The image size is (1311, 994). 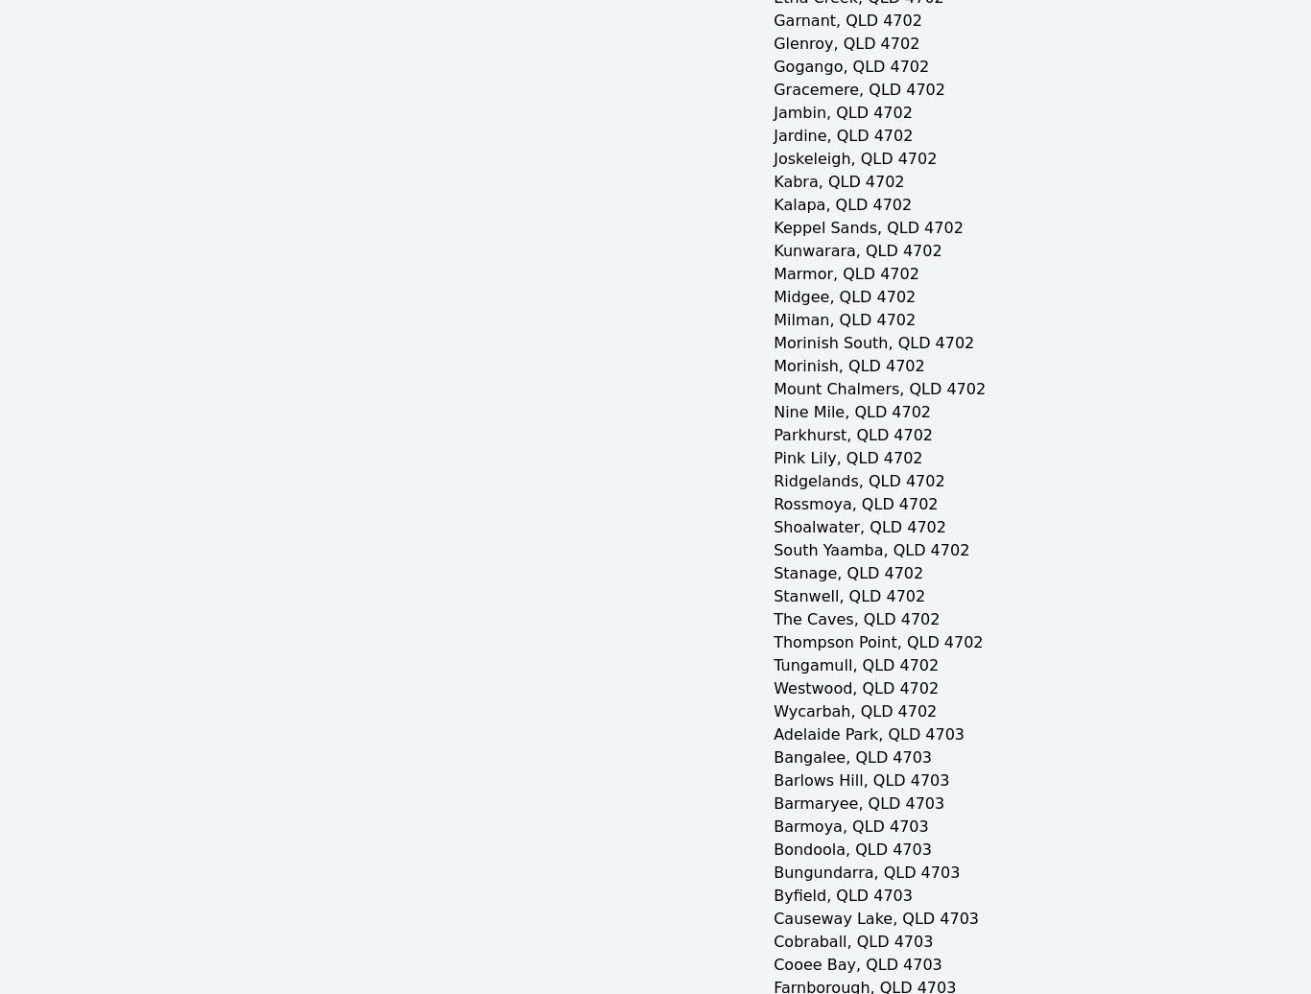 What do you see at coordinates (772, 504) in the screenshot?
I see `'Rossmoya, QLD 4702'` at bounding box center [772, 504].